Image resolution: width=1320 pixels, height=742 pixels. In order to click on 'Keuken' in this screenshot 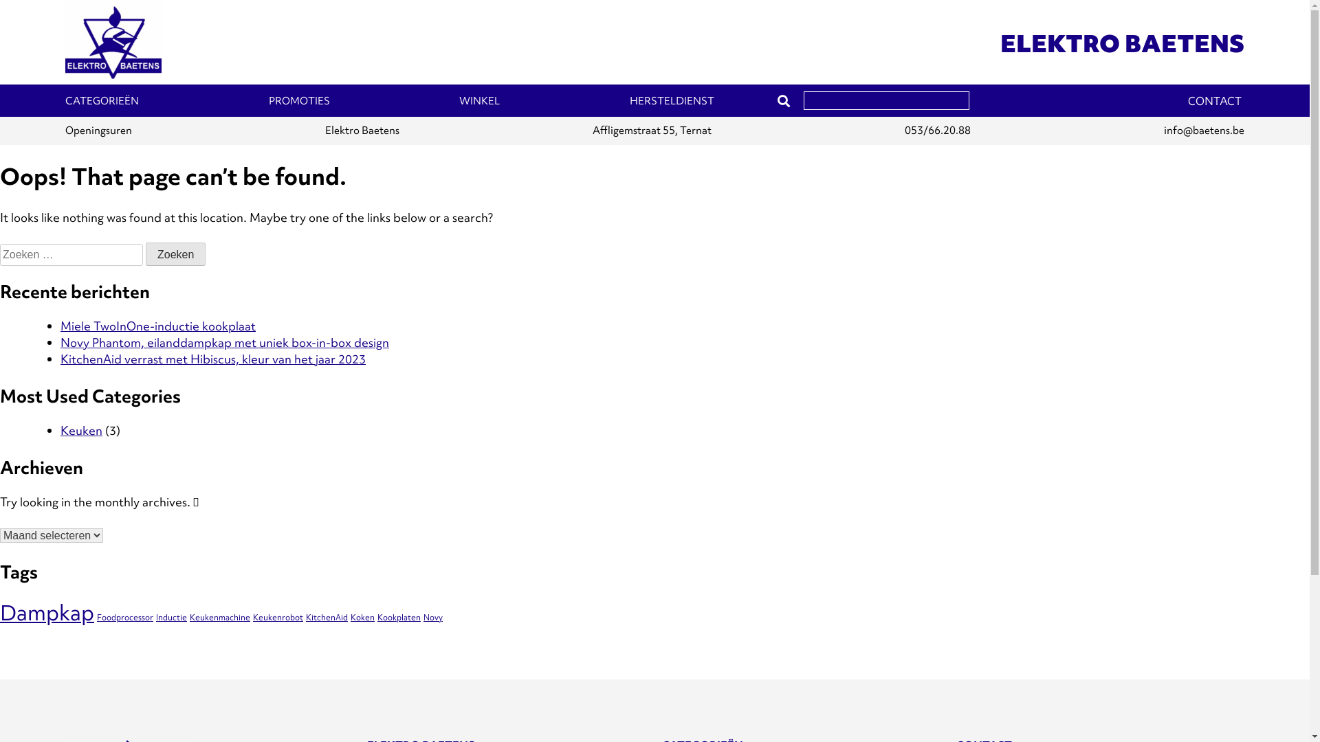, I will do `click(80, 429)`.